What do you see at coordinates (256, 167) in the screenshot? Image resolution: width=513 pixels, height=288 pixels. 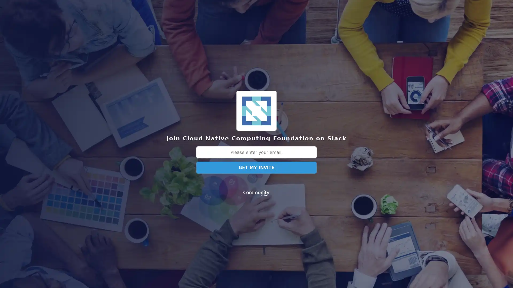 I see `GET MY INVITE` at bounding box center [256, 167].